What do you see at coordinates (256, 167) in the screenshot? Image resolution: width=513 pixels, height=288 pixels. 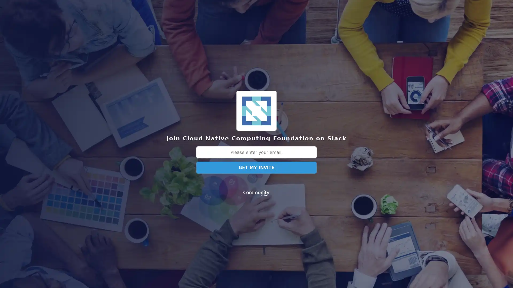 I see `GET MY INVITE` at bounding box center [256, 167].